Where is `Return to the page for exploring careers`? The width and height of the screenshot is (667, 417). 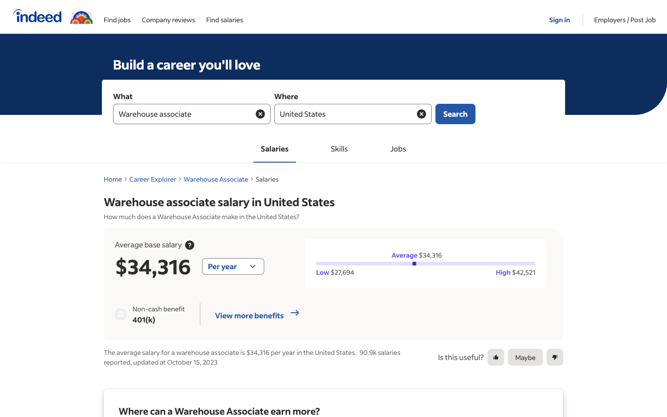
Return to the page for exploring careers is located at coordinates (153, 179).